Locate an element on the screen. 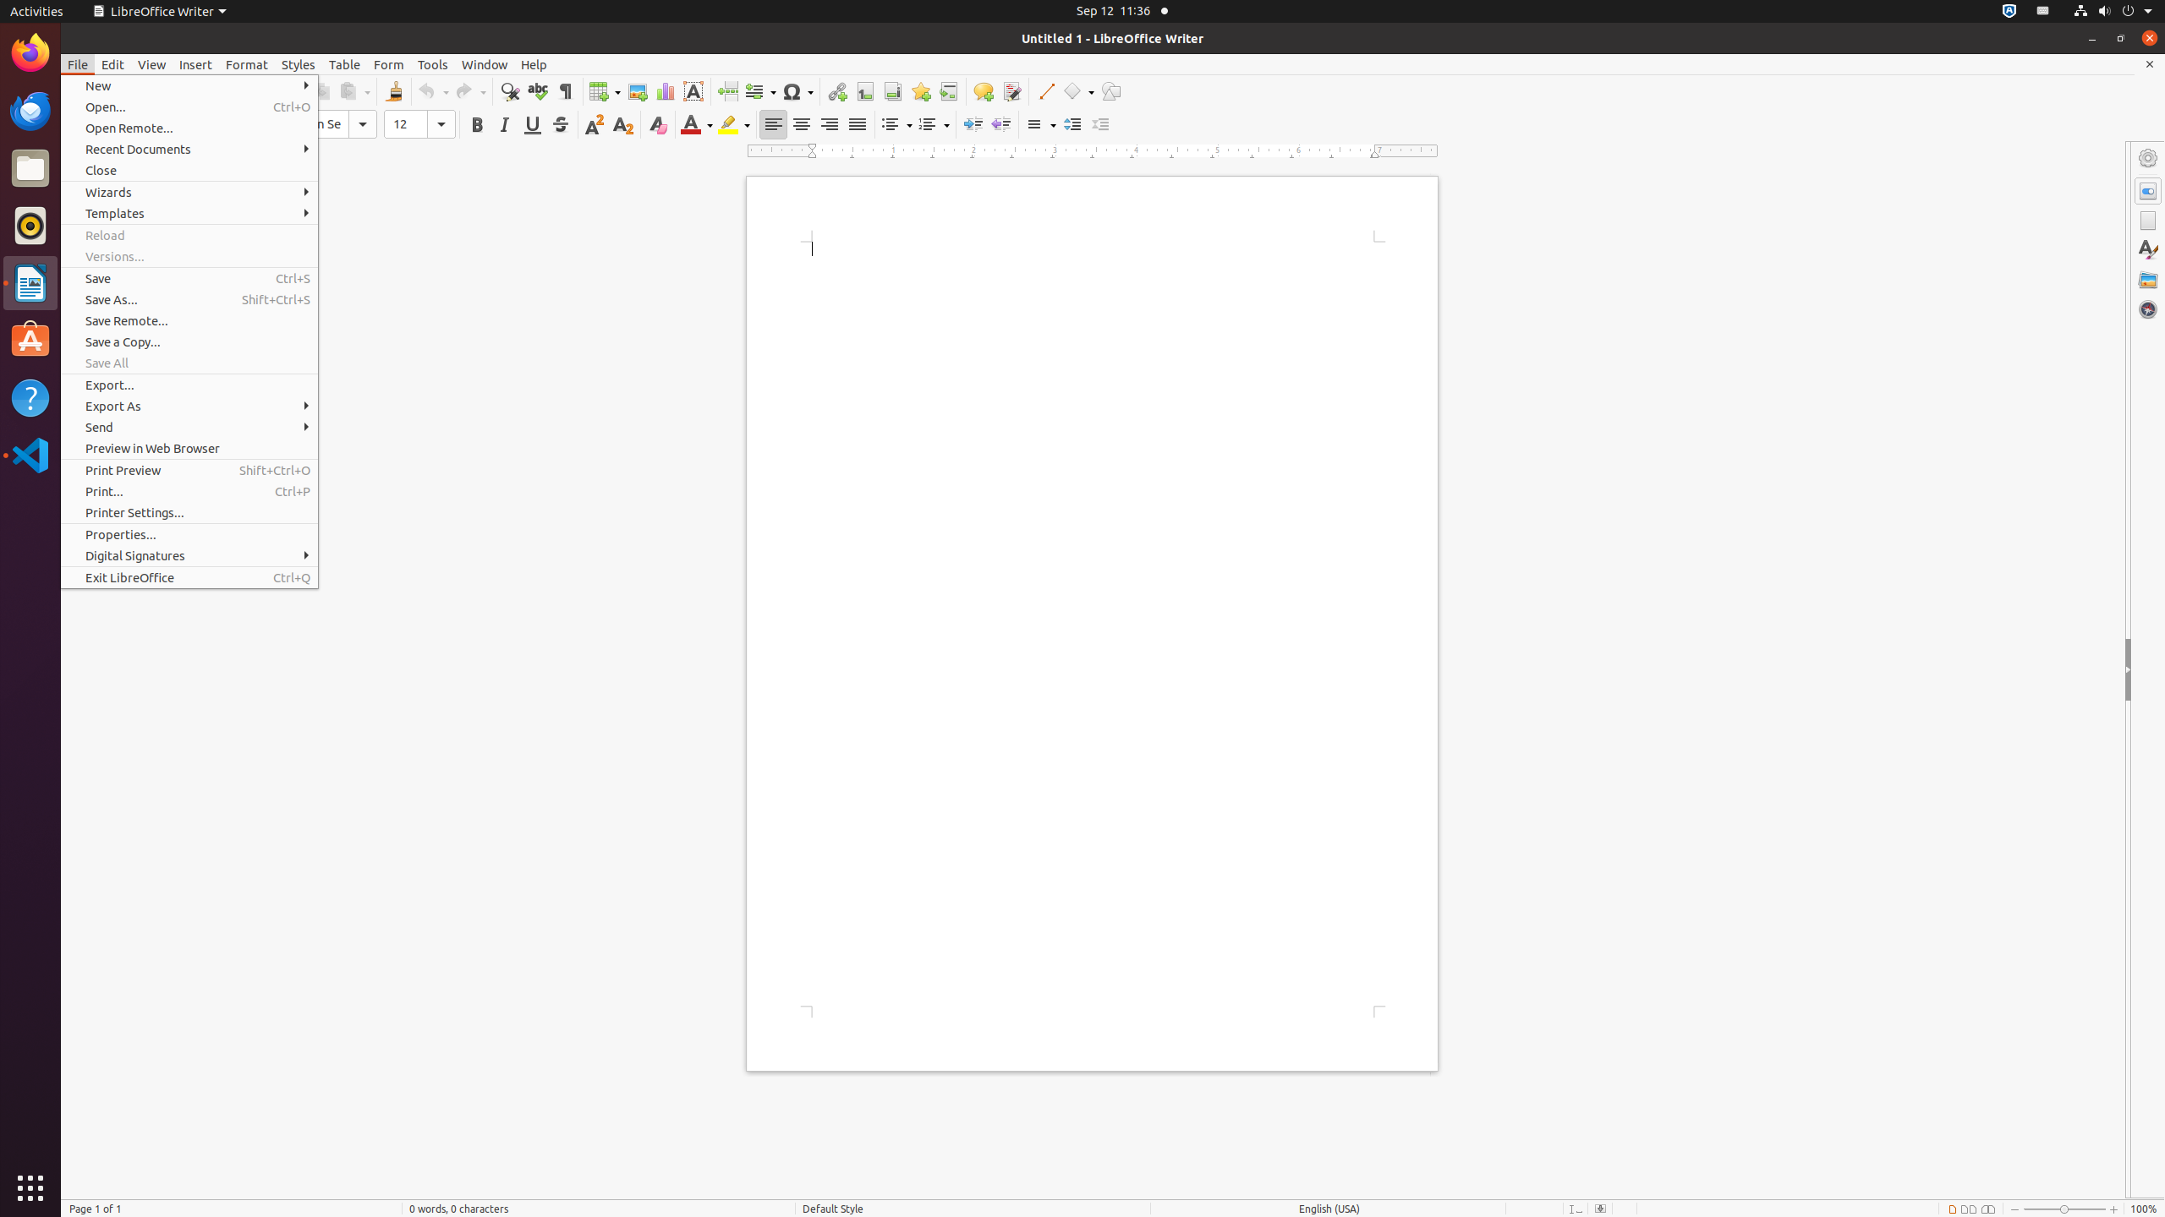  'Bullets' is located at coordinates (896, 123).